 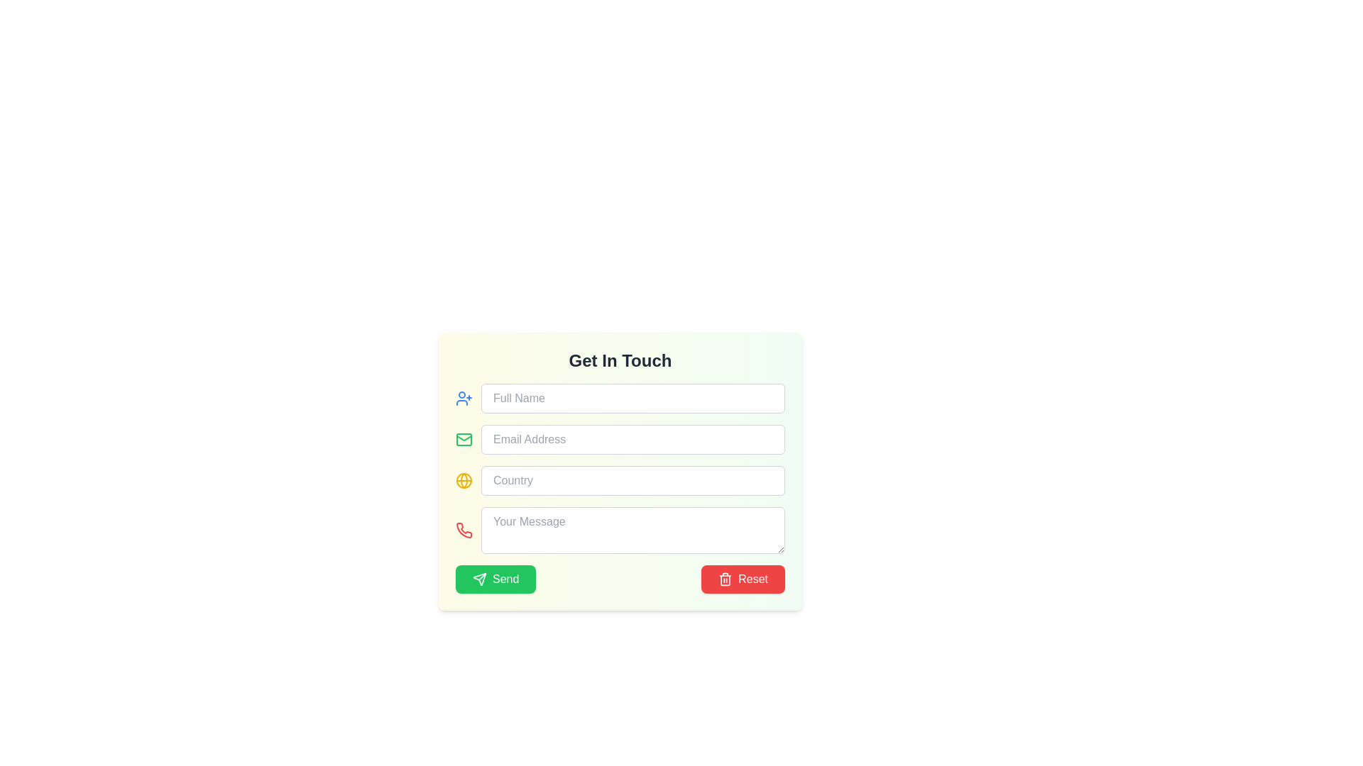 What do you see at coordinates (464, 439) in the screenshot?
I see `the green envelope icon that represents email or messages, positioned to the left of the 'Email Address' input field` at bounding box center [464, 439].